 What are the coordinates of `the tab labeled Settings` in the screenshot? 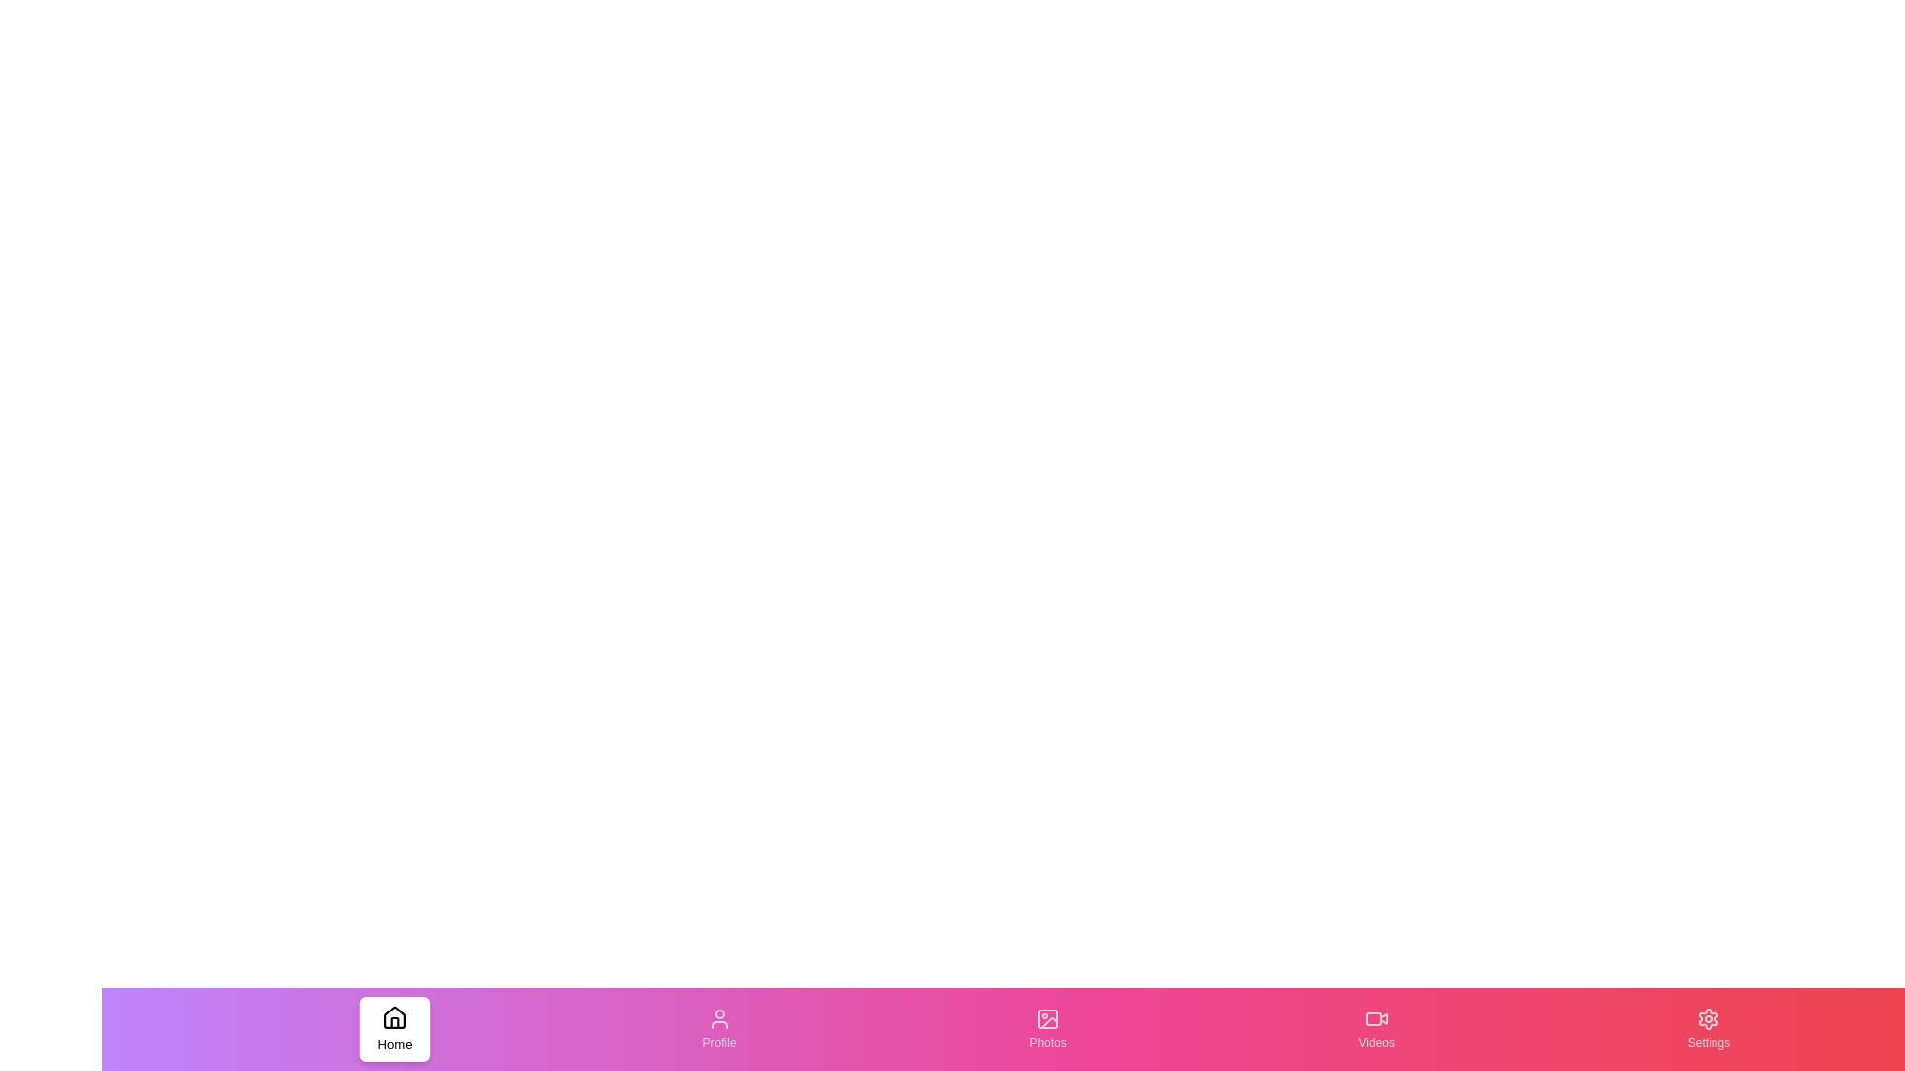 It's located at (1708, 1027).